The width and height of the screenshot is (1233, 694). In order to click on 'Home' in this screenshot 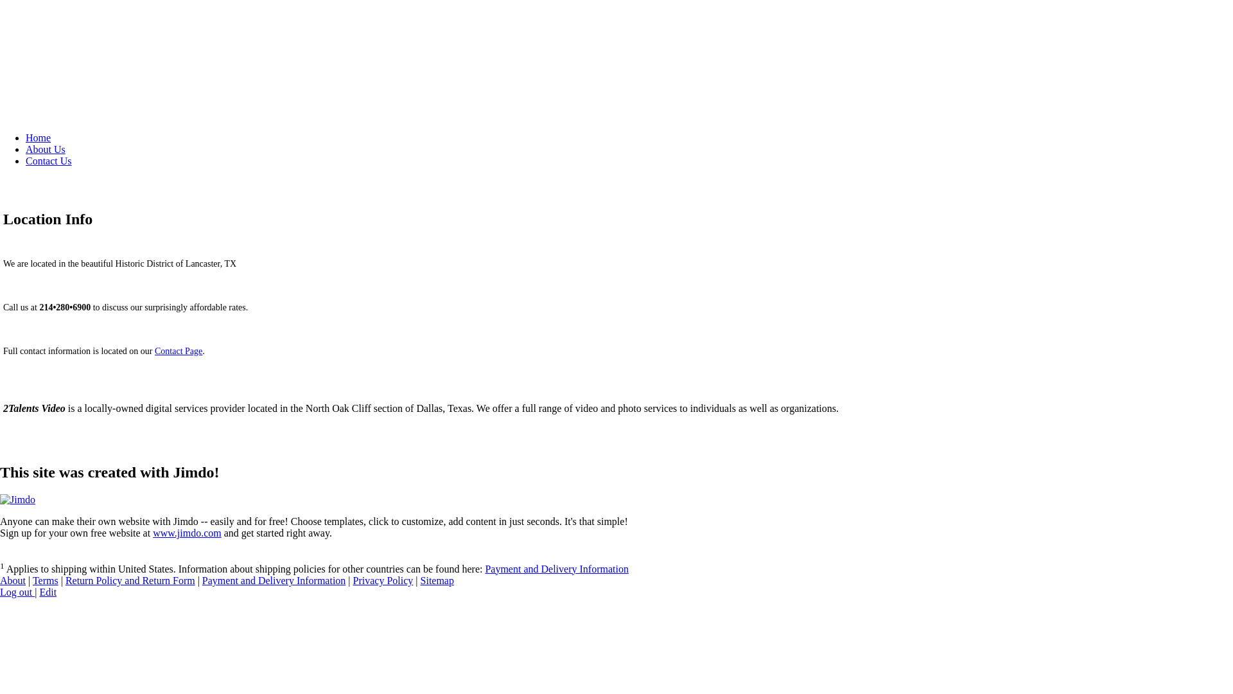, I will do `click(38, 138)`.